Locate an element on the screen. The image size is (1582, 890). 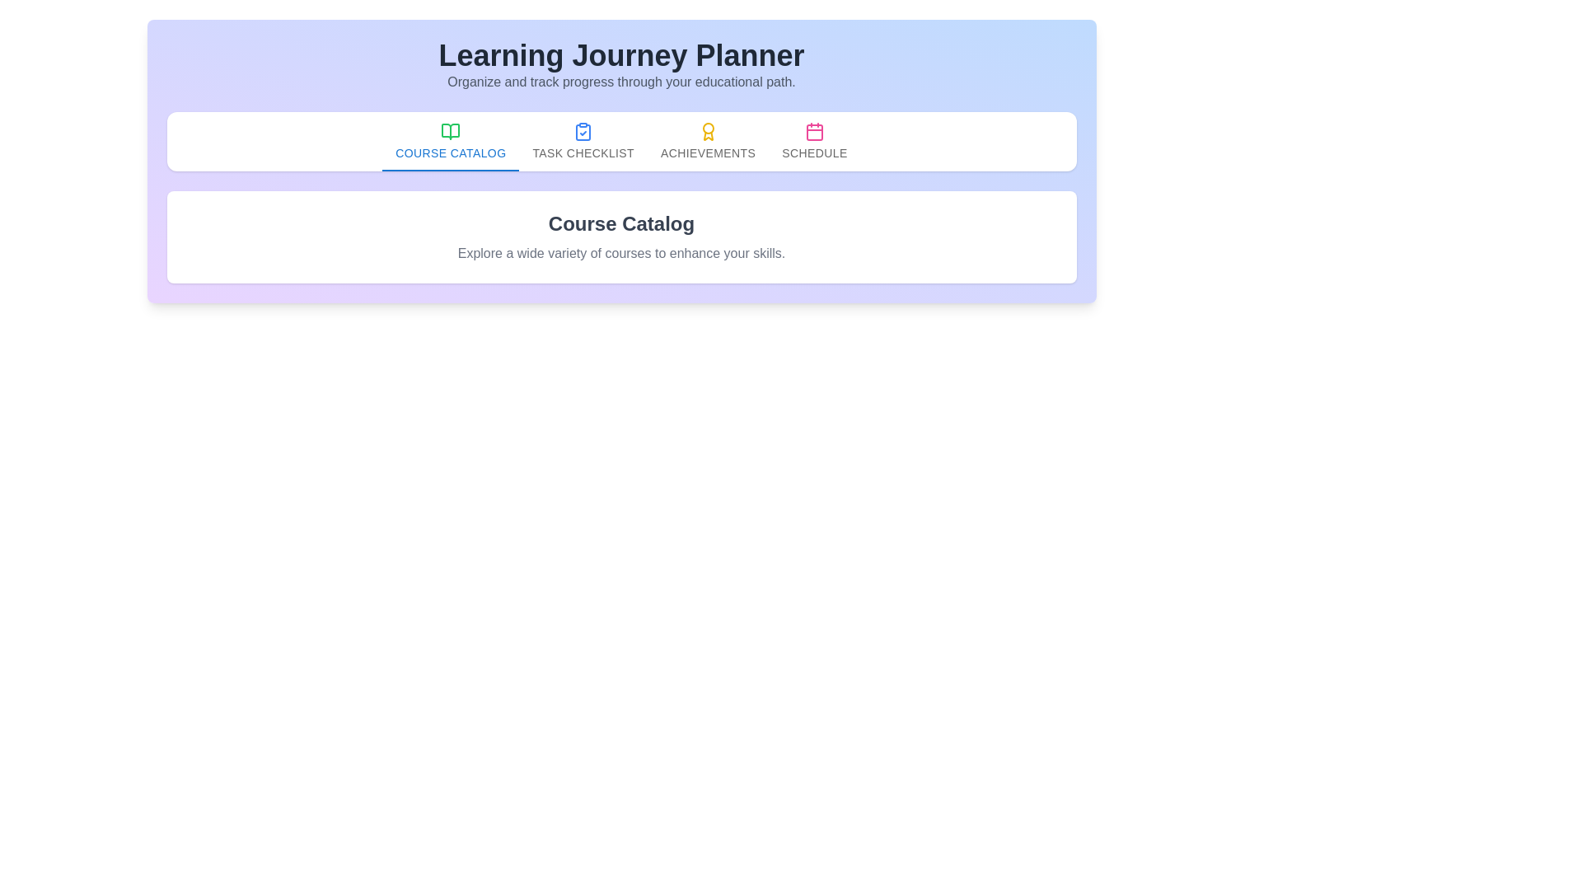
the third tab button in the horizontal navigation bar is located at coordinates (708, 141).